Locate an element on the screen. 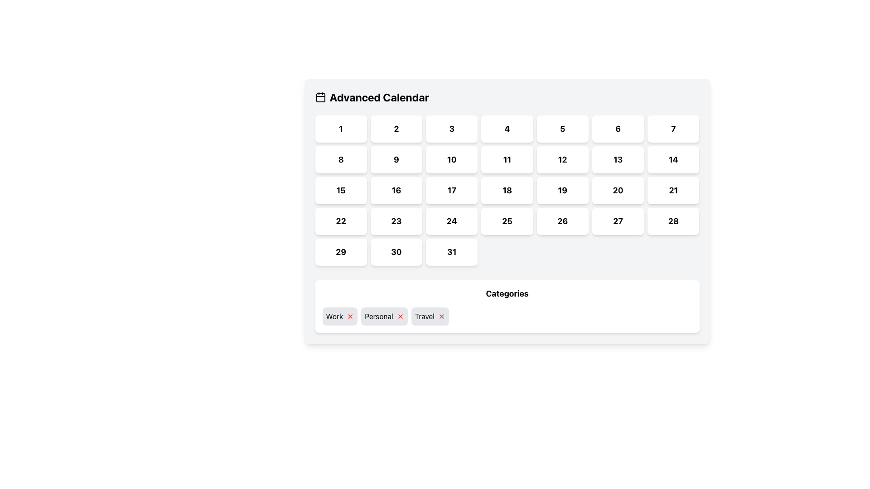 This screenshot has height=489, width=870. the calendar icon located at the beginning of the header element containing the text 'Advanced Calendar', positioned to the left of the text for visual context is located at coordinates (320, 97).